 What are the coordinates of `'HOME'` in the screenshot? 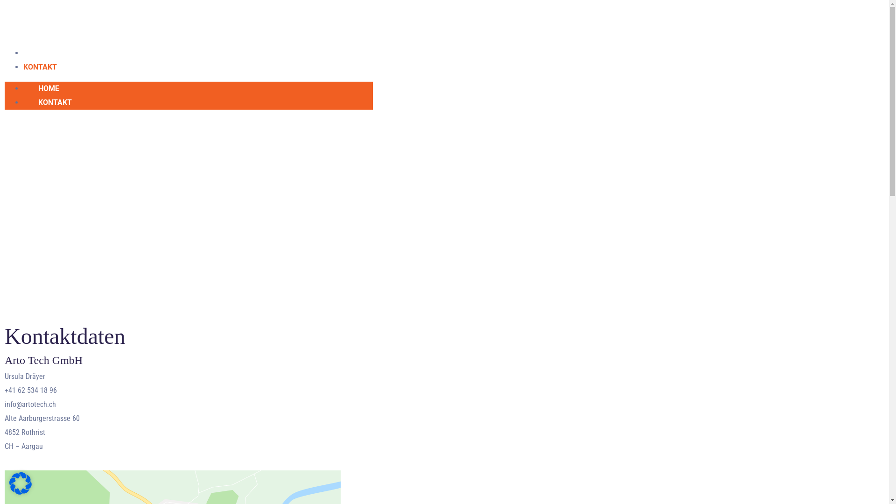 It's located at (23, 88).